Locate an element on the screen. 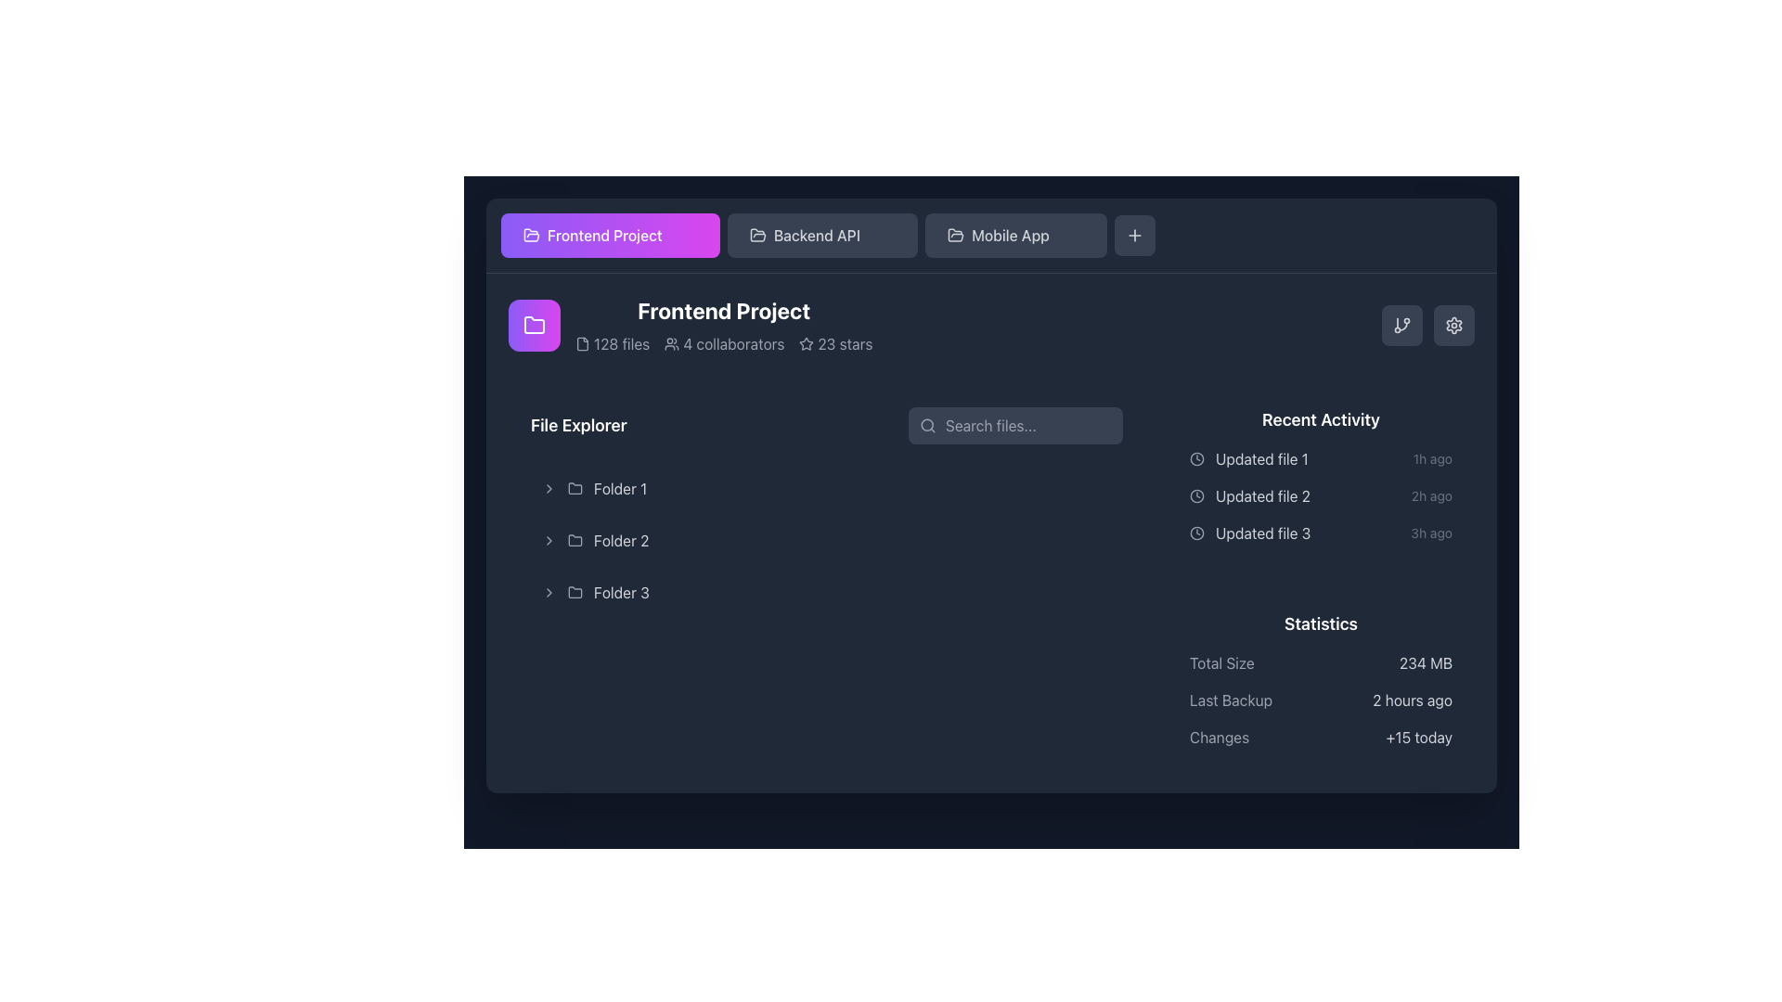 The height and width of the screenshot is (1002, 1782). the text label displaying '2h ago' in light gray color, which is located in the 'Recent Activity' section, next to 'Updated file 2' is located at coordinates (1430, 495).